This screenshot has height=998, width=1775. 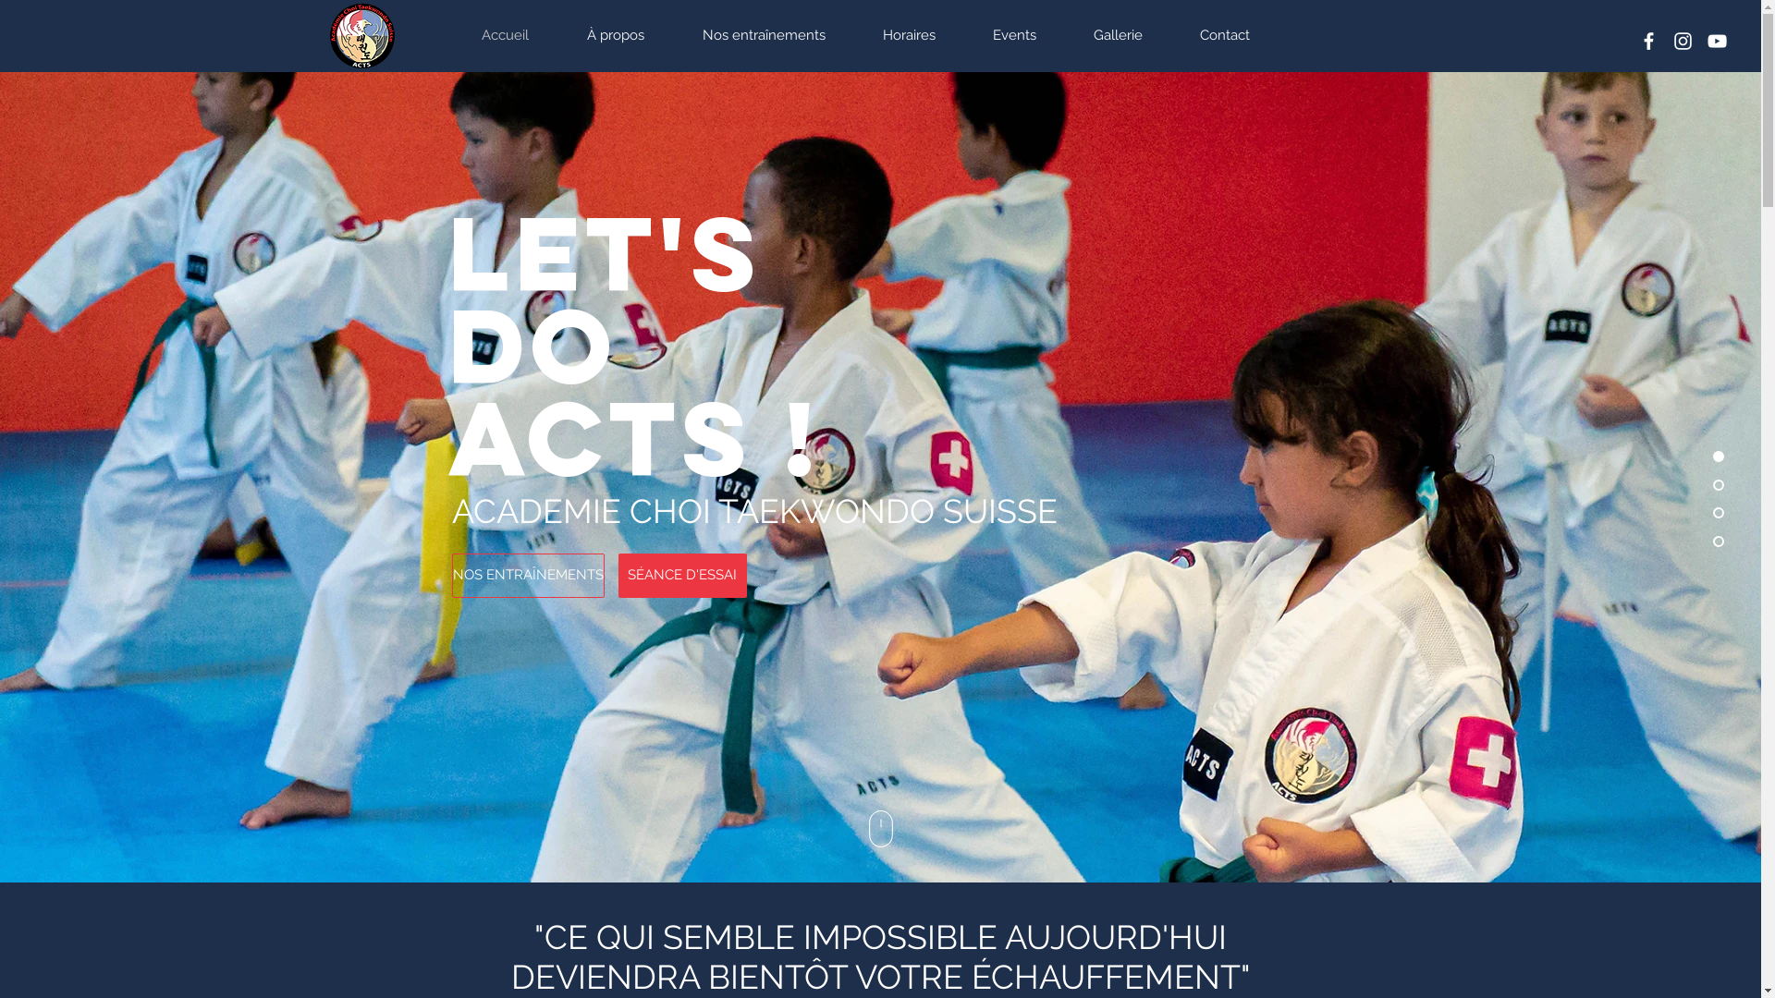 What do you see at coordinates (1132, 35) in the screenshot?
I see `'Gallerie'` at bounding box center [1132, 35].